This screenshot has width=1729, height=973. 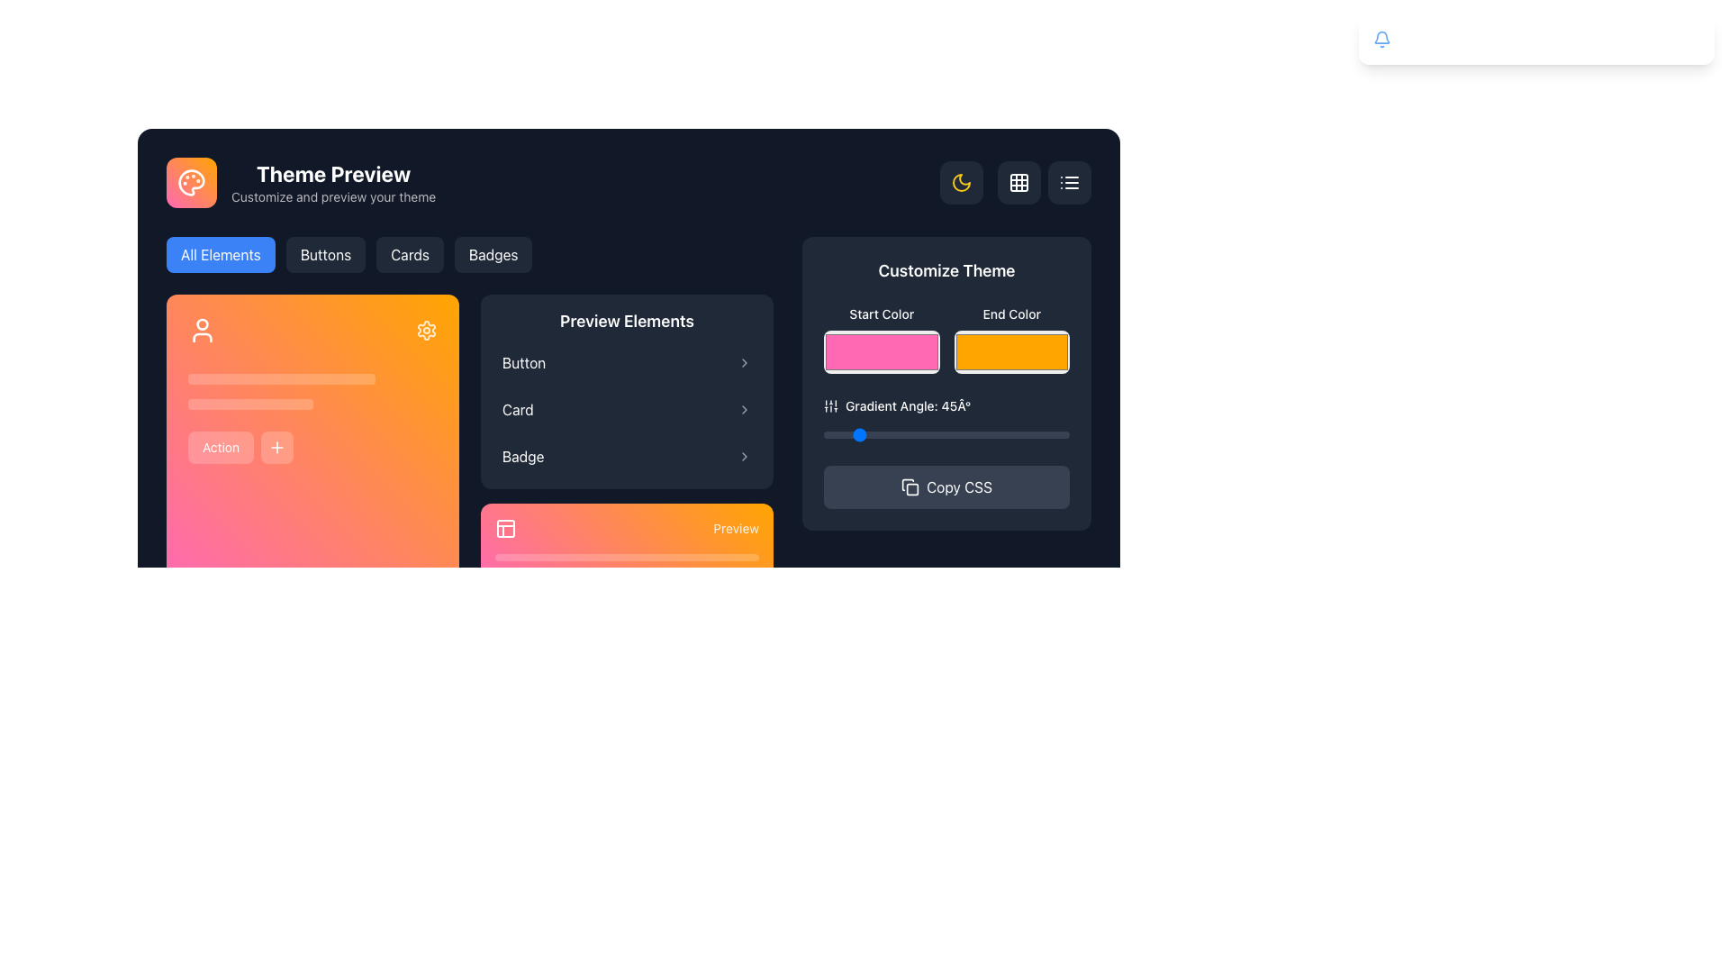 I want to click on the second decorative or progress bar located at the bottom of the left-side panel in the application layout, so click(x=249, y=403).